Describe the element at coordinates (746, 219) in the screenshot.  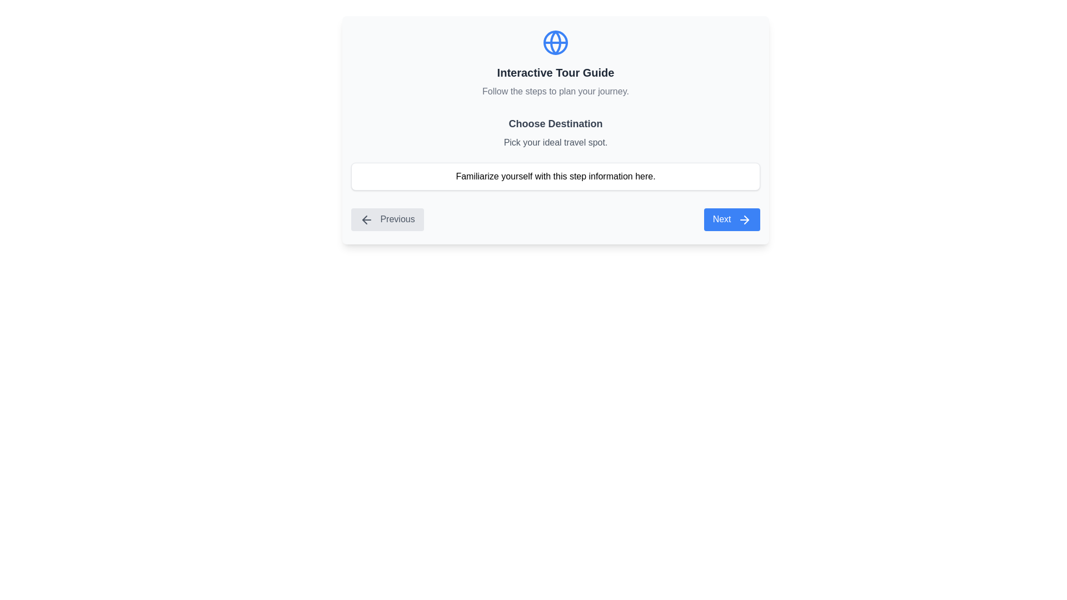
I see `the right-pointing arrow icon that is part of the blue 'Next' button located at the lower-right section of the interface` at that location.